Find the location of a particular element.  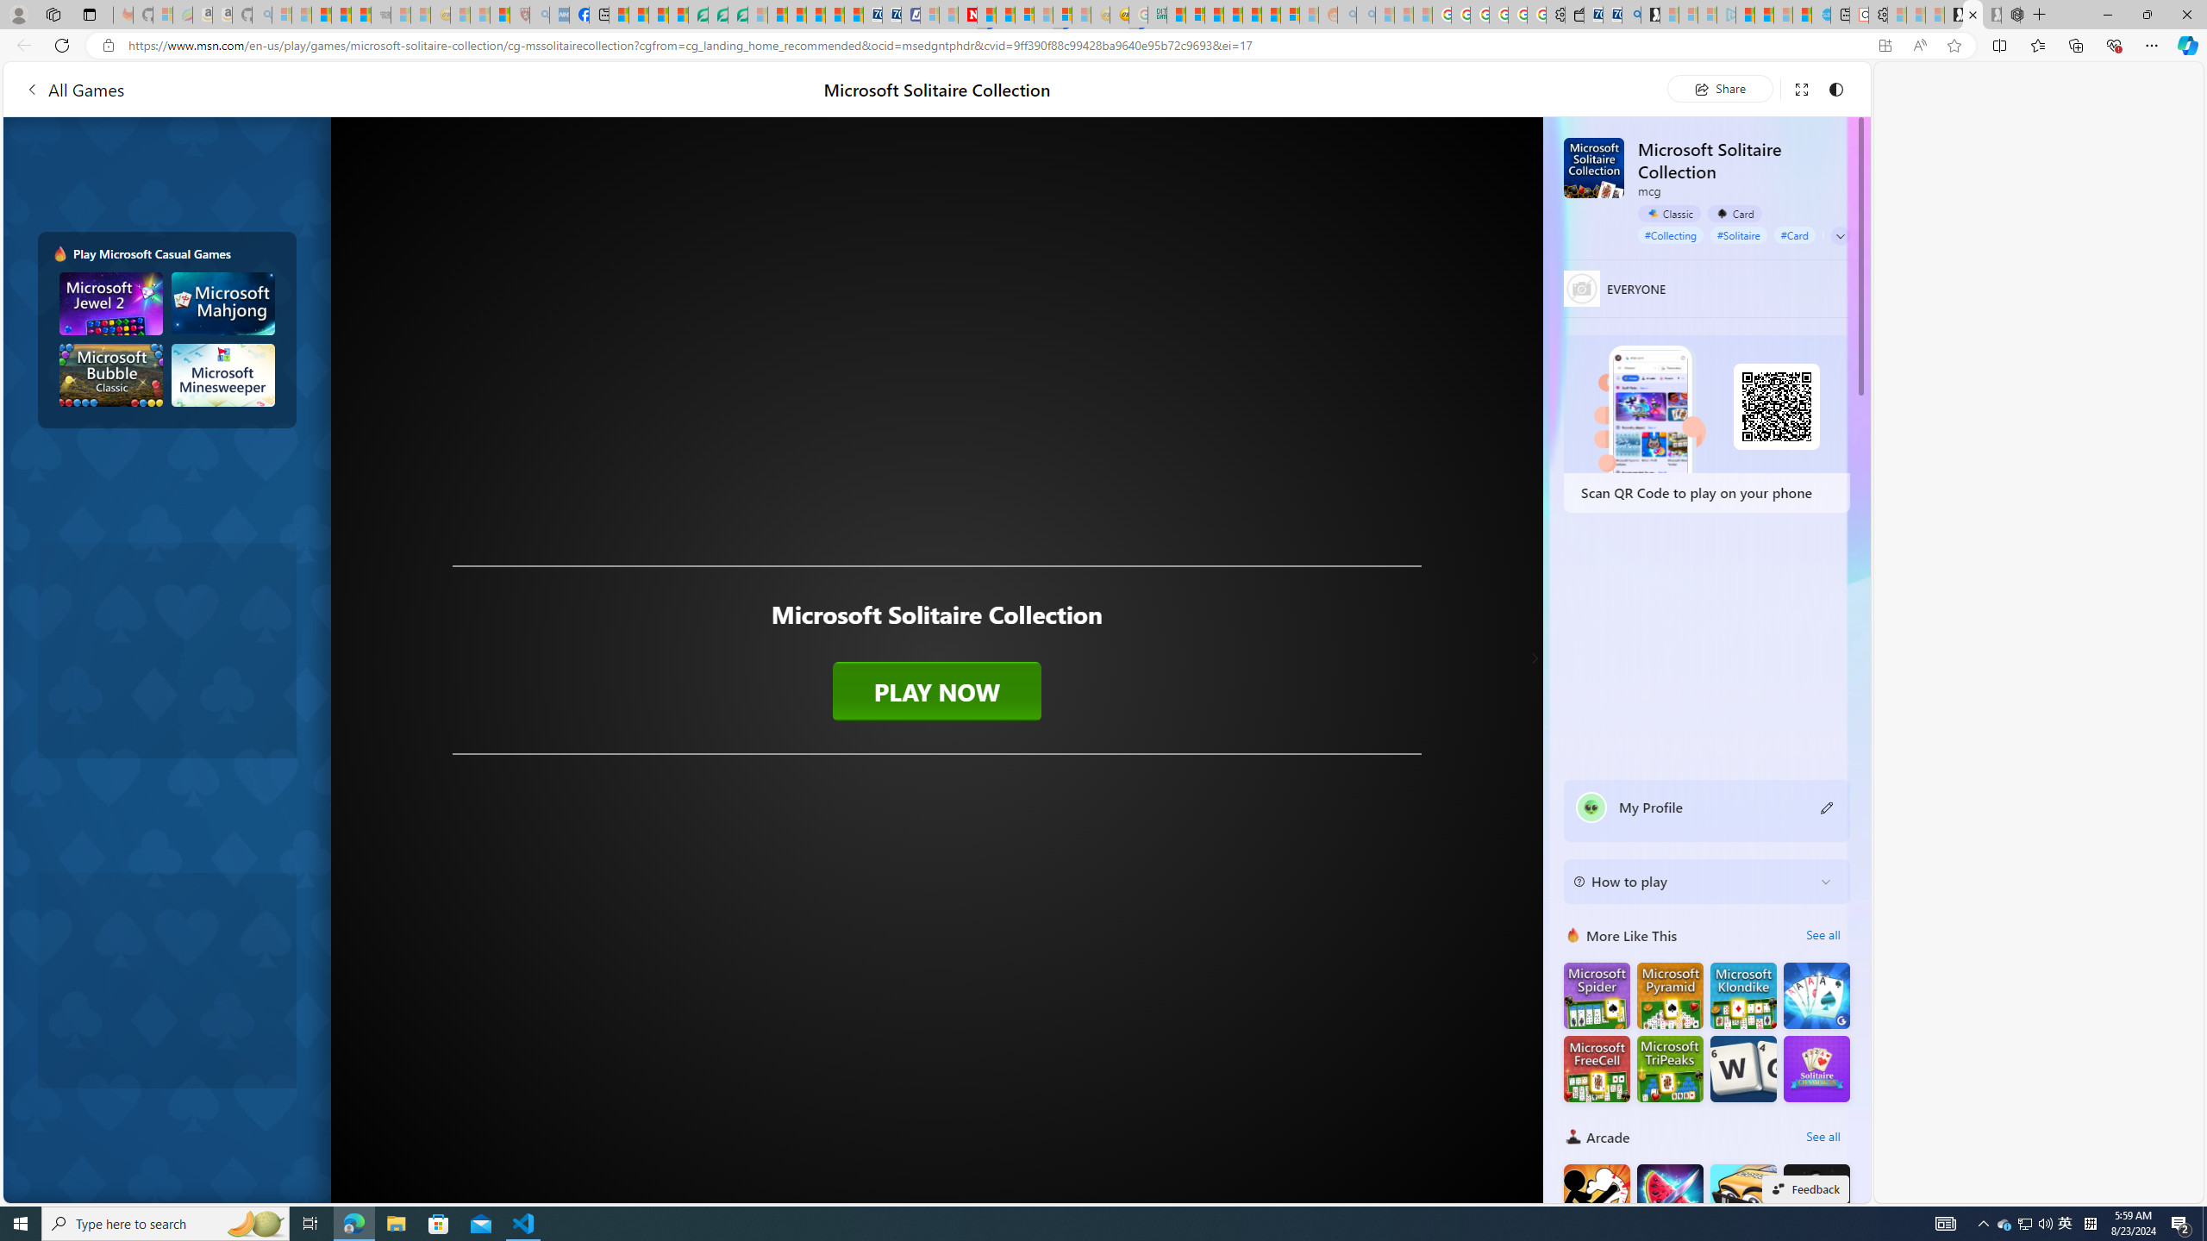

'Microsoft Spider Solitaire' is located at coordinates (1596, 995).